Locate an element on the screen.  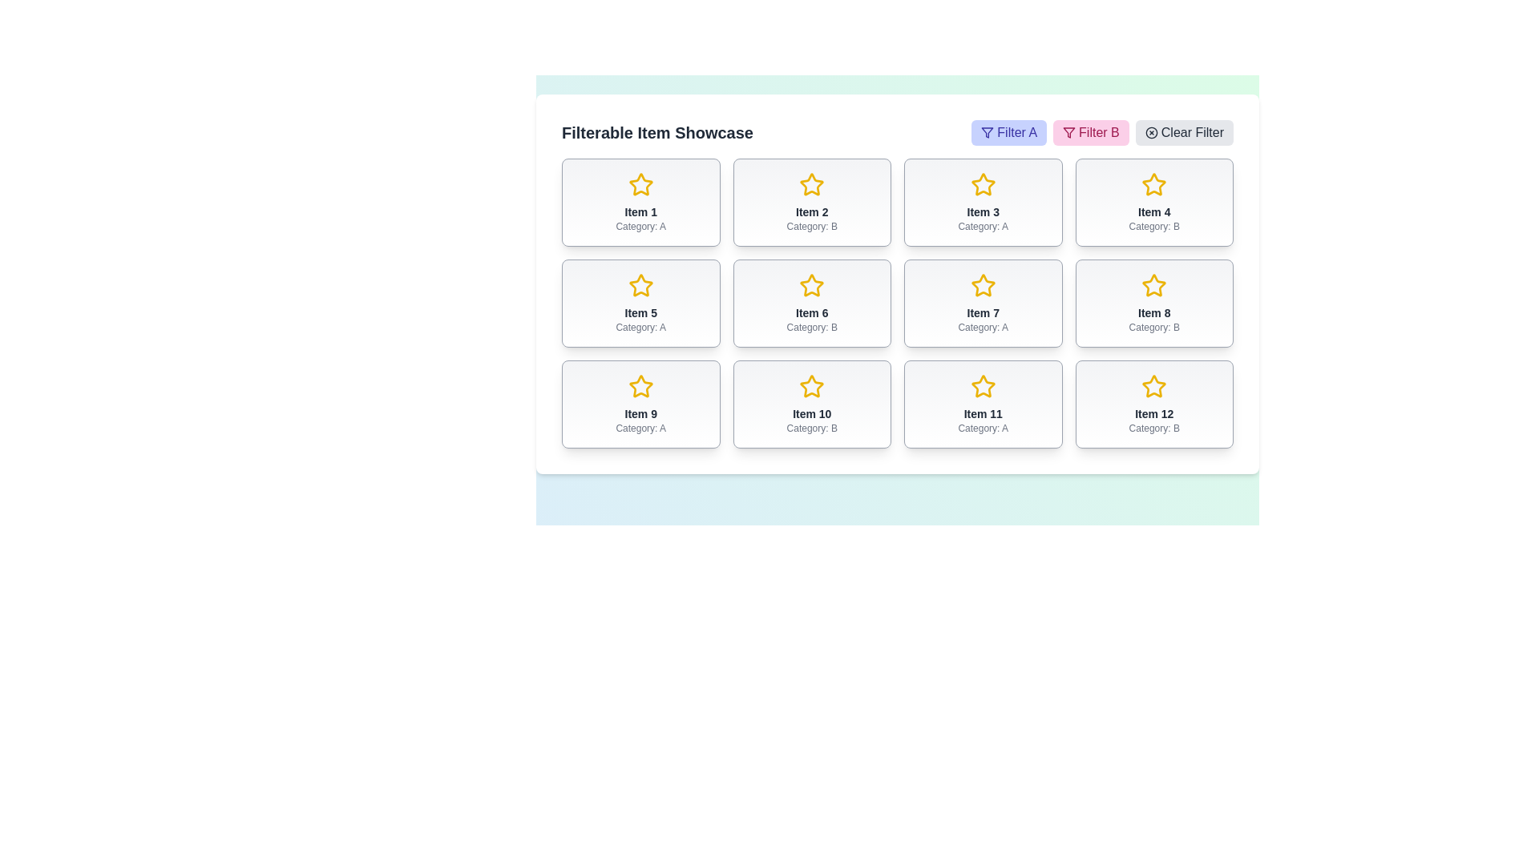
the 'Filter B' button, which is a light pink rectangular button with rounded edges located between the 'Filter A' and 'Clear Filter' buttons in the top-right corner of the page, to apply the 'B' filter is located at coordinates (1101, 131).